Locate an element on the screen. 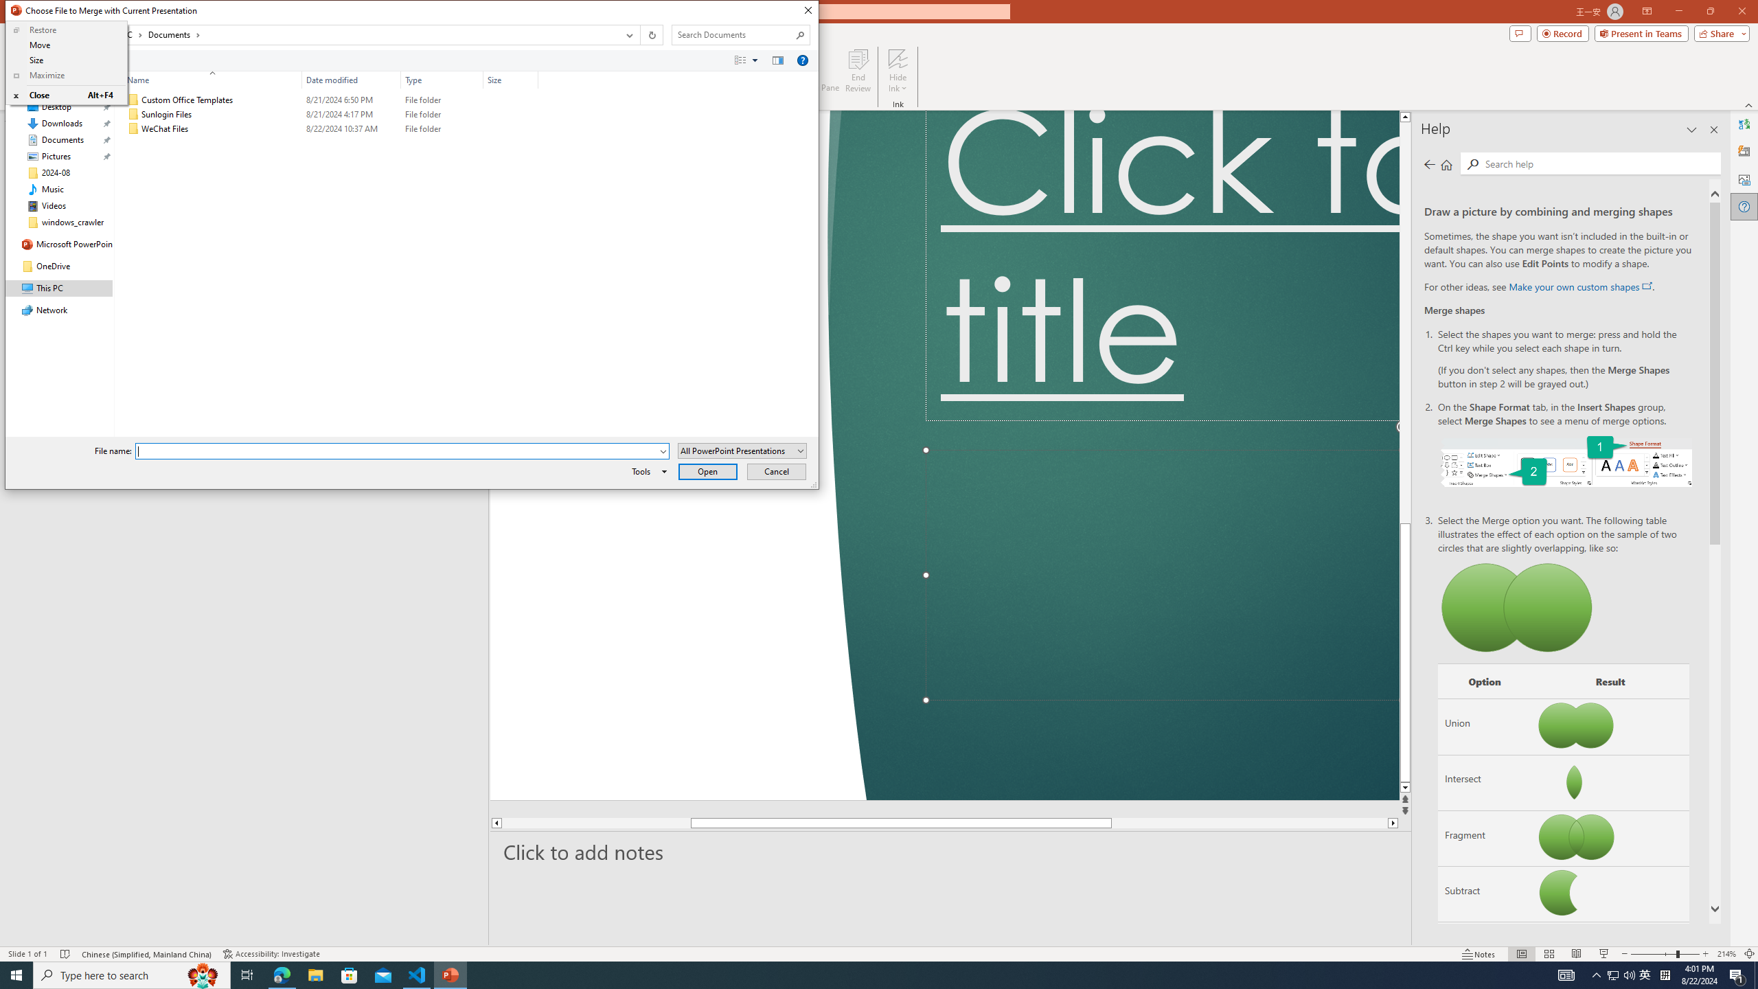 The image size is (1758, 989). 'Designer' is located at coordinates (1744, 152).